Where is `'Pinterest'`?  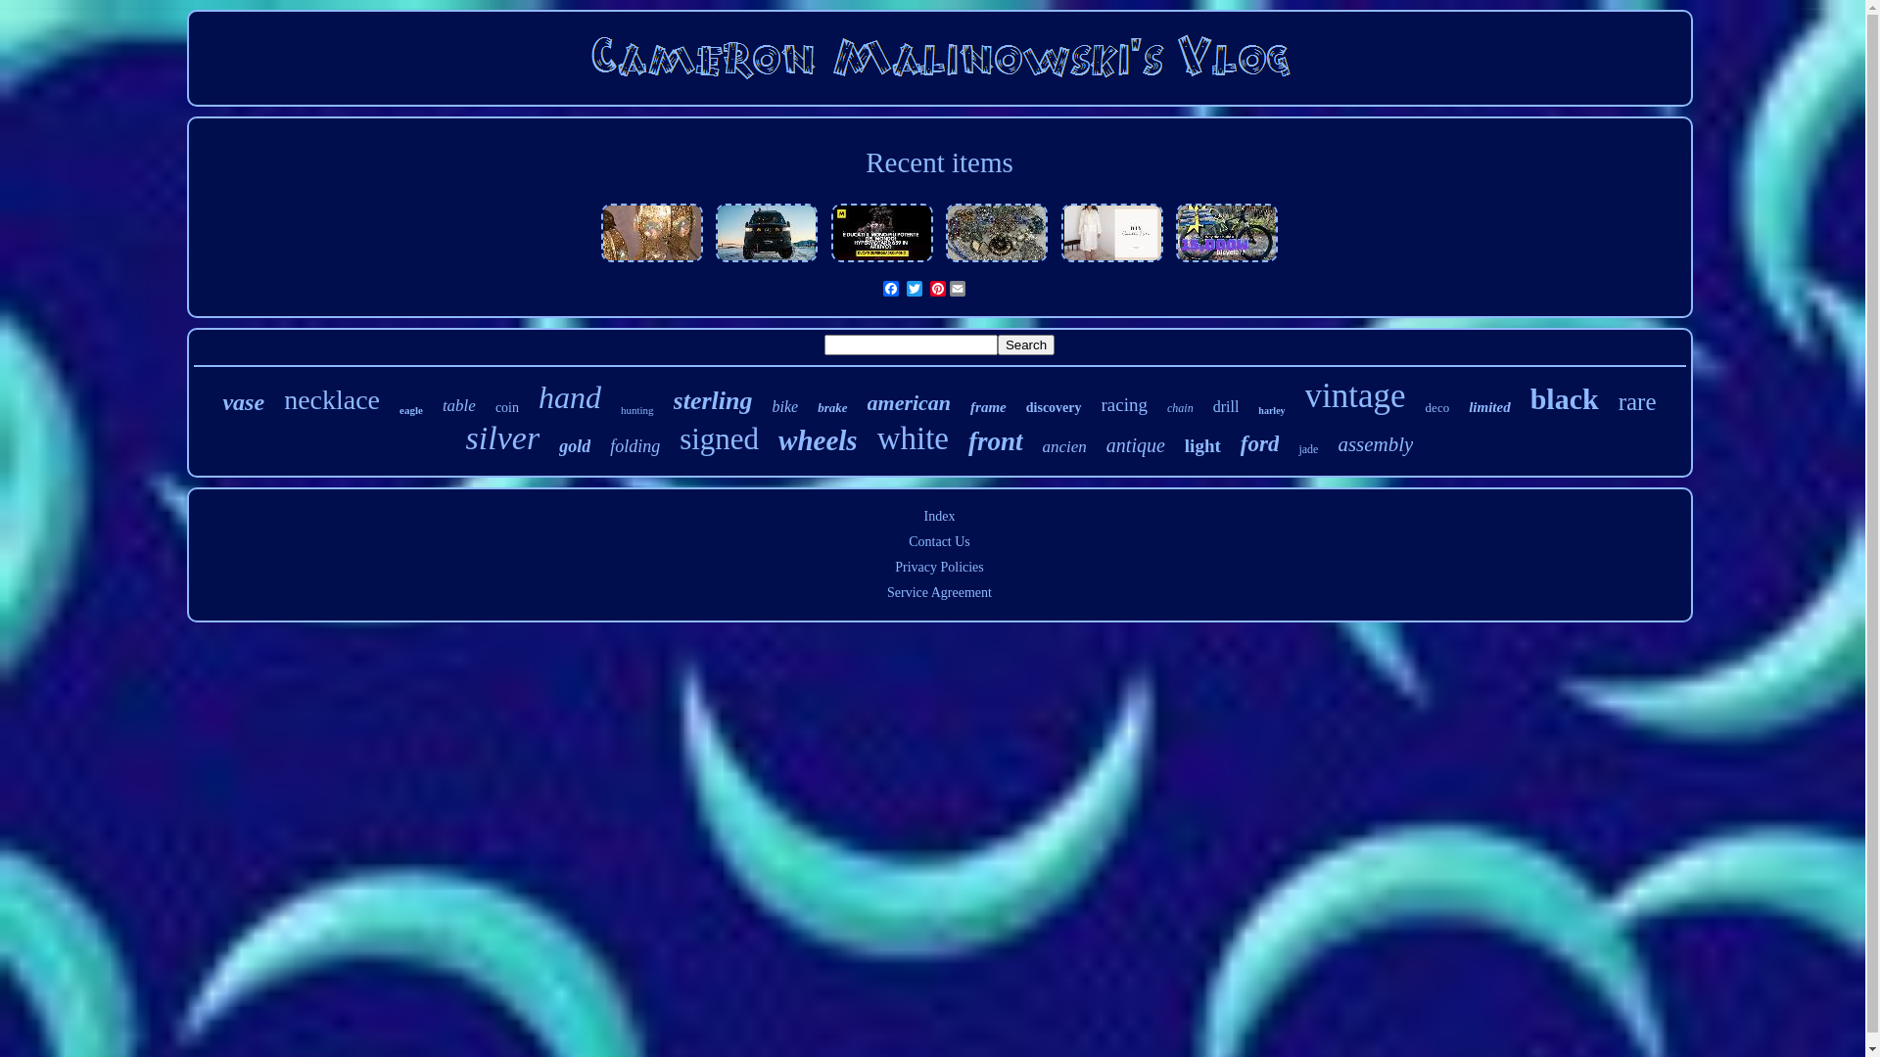 'Pinterest' is located at coordinates (937, 288).